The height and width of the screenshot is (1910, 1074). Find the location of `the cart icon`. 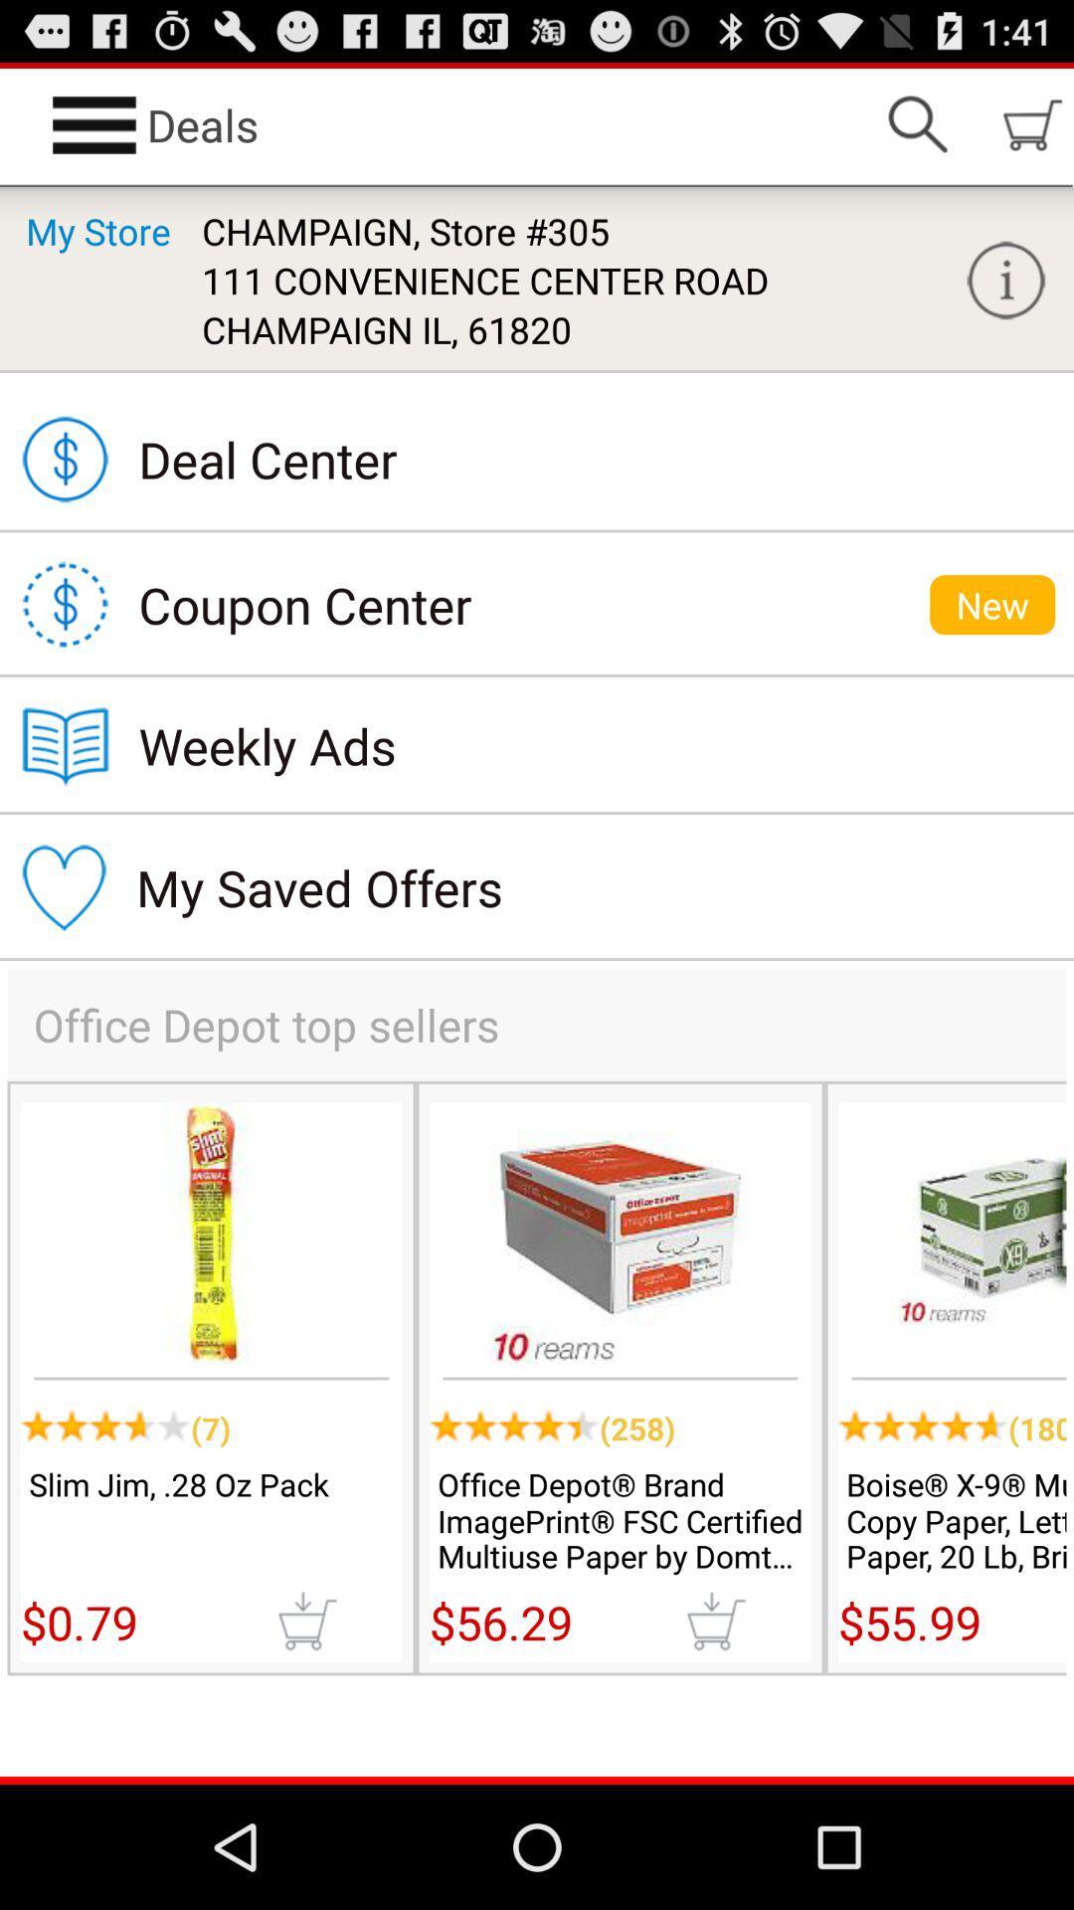

the cart icon is located at coordinates (716, 1733).